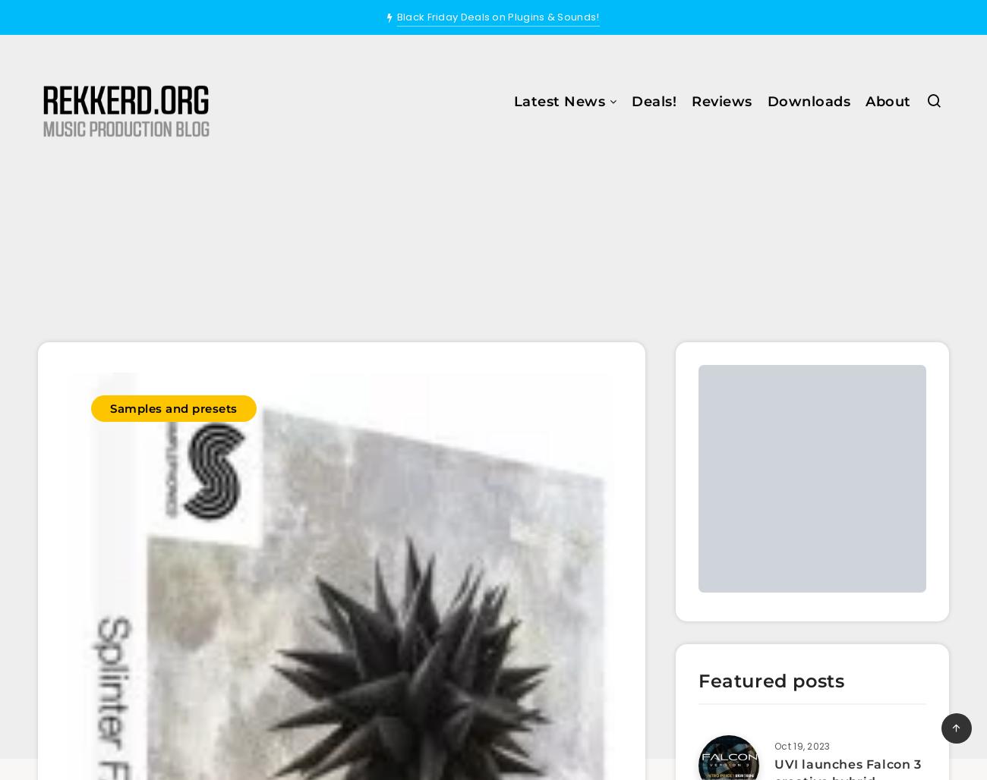  What do you see at coordinates (888, 102) in the screenshot?
I see `'About'` at bounding box center [888, 102].